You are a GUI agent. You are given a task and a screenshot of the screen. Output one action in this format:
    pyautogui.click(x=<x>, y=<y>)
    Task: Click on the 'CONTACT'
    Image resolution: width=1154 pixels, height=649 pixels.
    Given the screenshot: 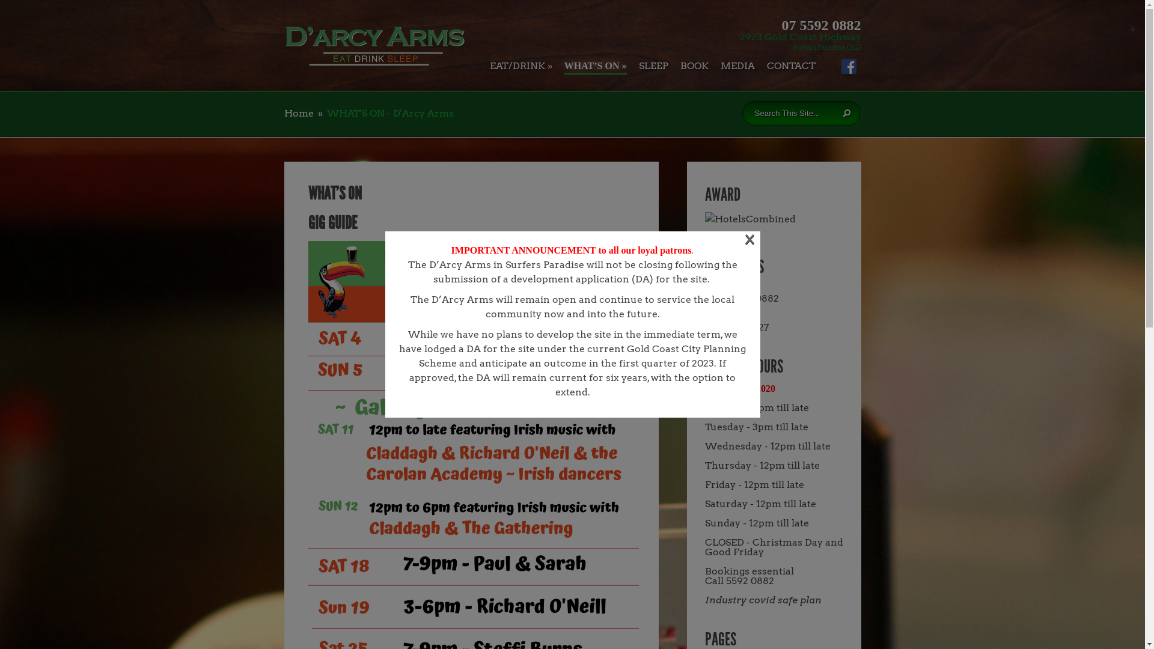 What is the action you would take?
    pyautogui.click(x=791, y=69)
    